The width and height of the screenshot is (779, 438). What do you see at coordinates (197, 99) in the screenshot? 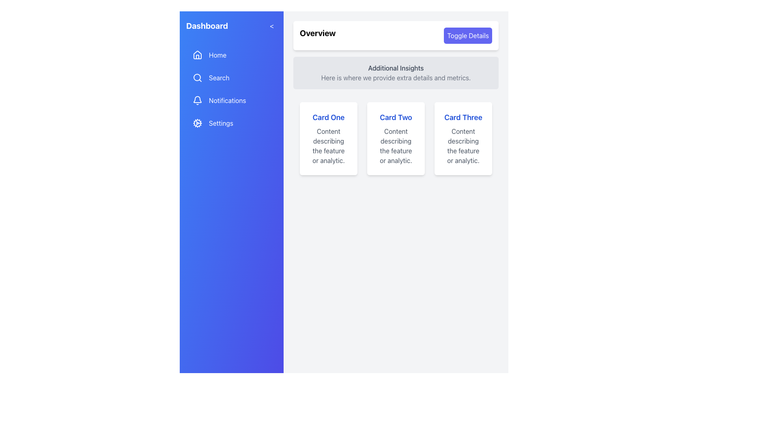
I see `the bell-shaped notification icon located in the vertical sidebar menu, positioned to the left of the 'Notifications' text label` at bounding box center [197, 99].